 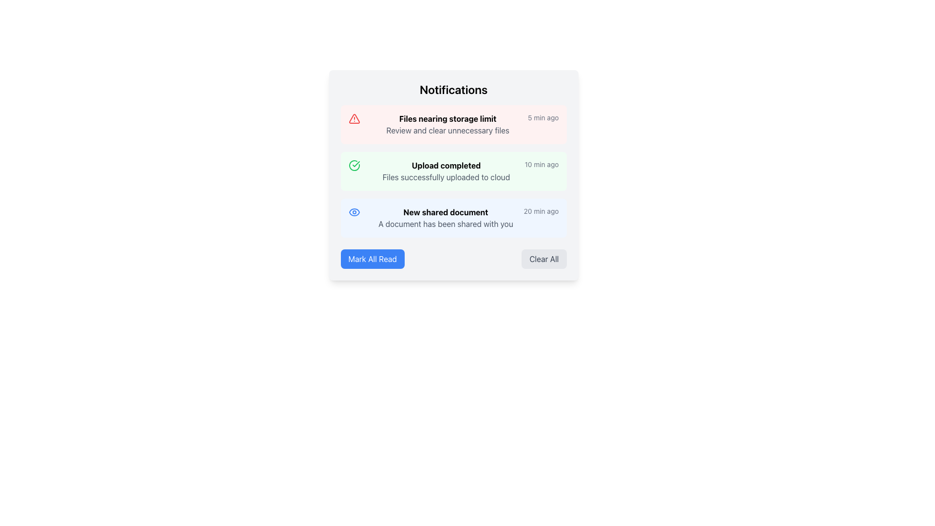 What do you see at coordinates (354, 211) in the screenshot?
I see `the outer oval shape of the eye icon, which is part of the vector graphic indicating visibility or a view action` at bounding box center [354, 211].